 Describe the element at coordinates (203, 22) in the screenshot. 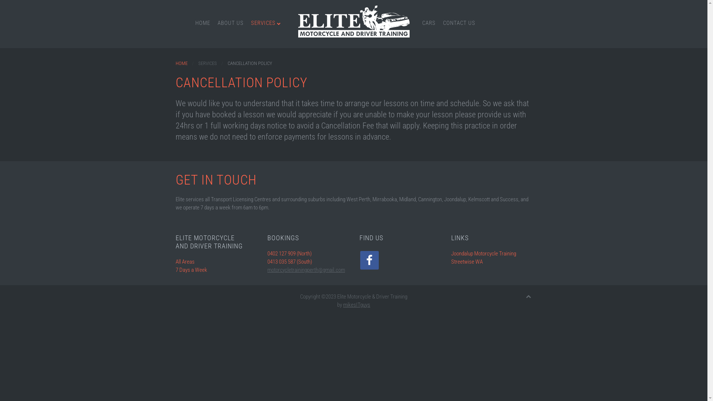

I see `'HOME'` at that location.